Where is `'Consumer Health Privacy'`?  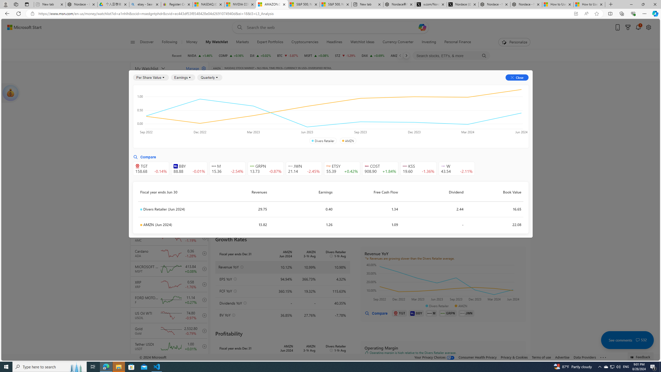
'Consumer Health Privacy' is located at coordinates (477, 357).